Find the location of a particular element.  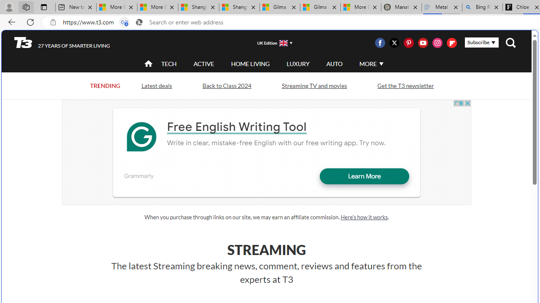

'HOME LIVING' is located at coordinates (250, 63).